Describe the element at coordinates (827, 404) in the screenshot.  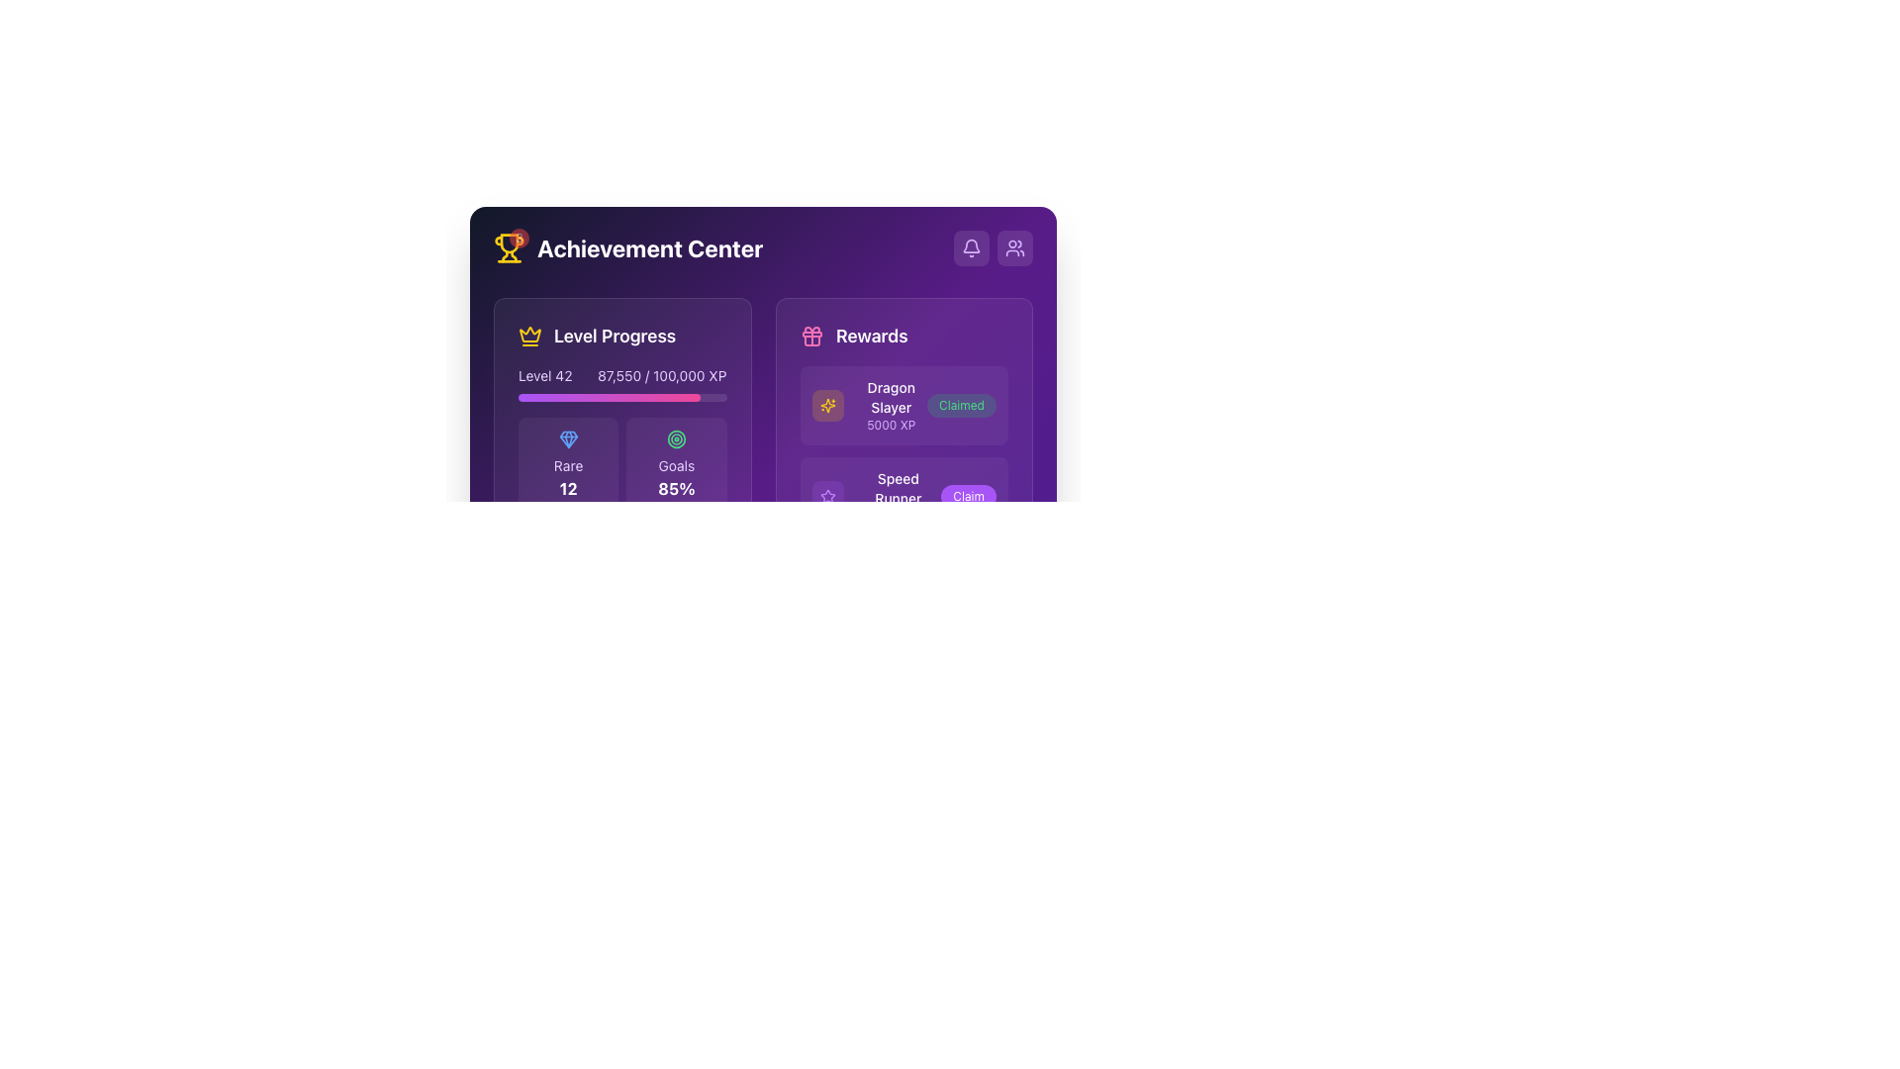
I see `the SVG Icon located in the top-right corner of the 'Rewards' section, which serves as a decorative or status indicator for achievements or rewards` at that location.